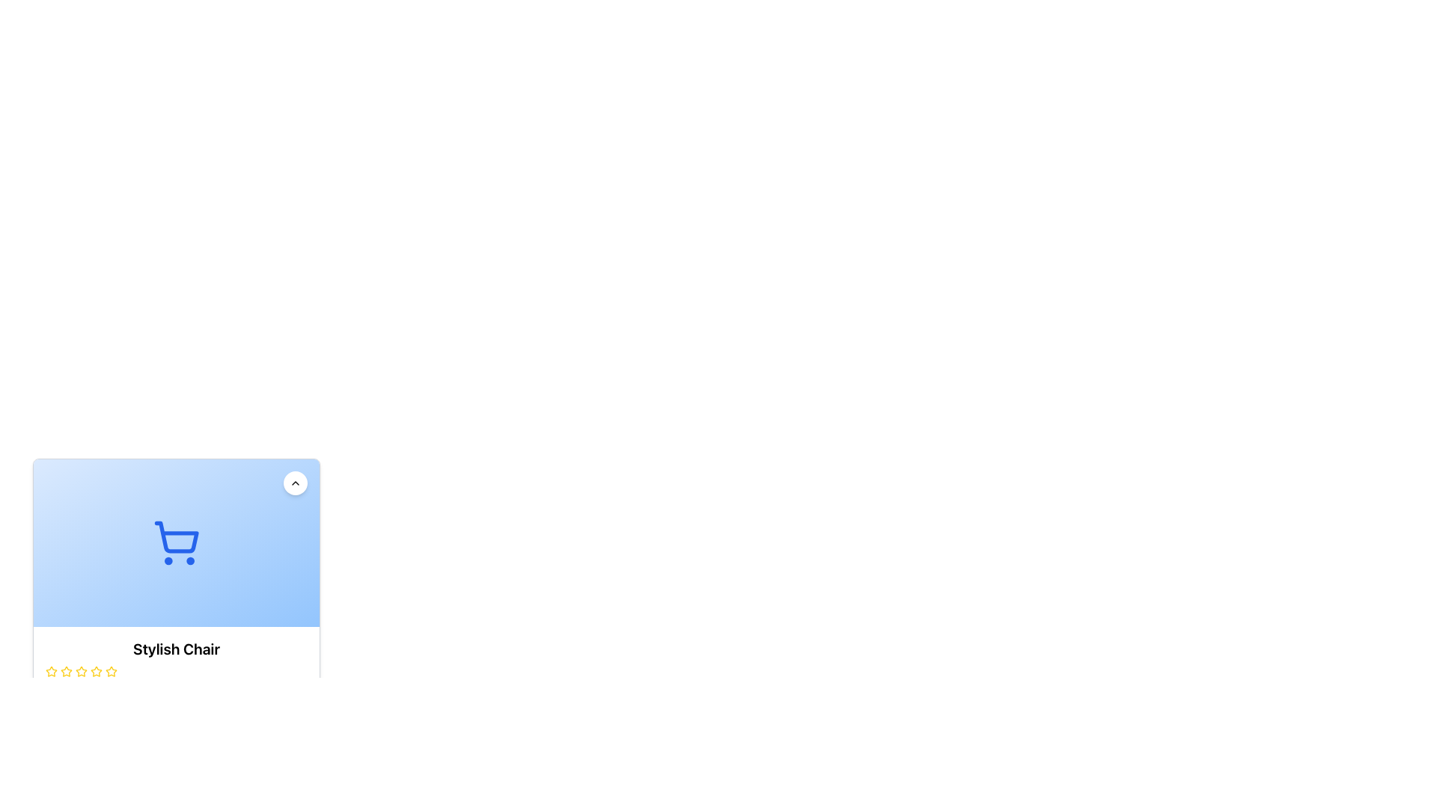 The image size is (1437, 808). Describe the element at coordinates (81, 670) in the screenshot. I see `the second star from the left to rate the product 'Stylish Chair'` at that location.